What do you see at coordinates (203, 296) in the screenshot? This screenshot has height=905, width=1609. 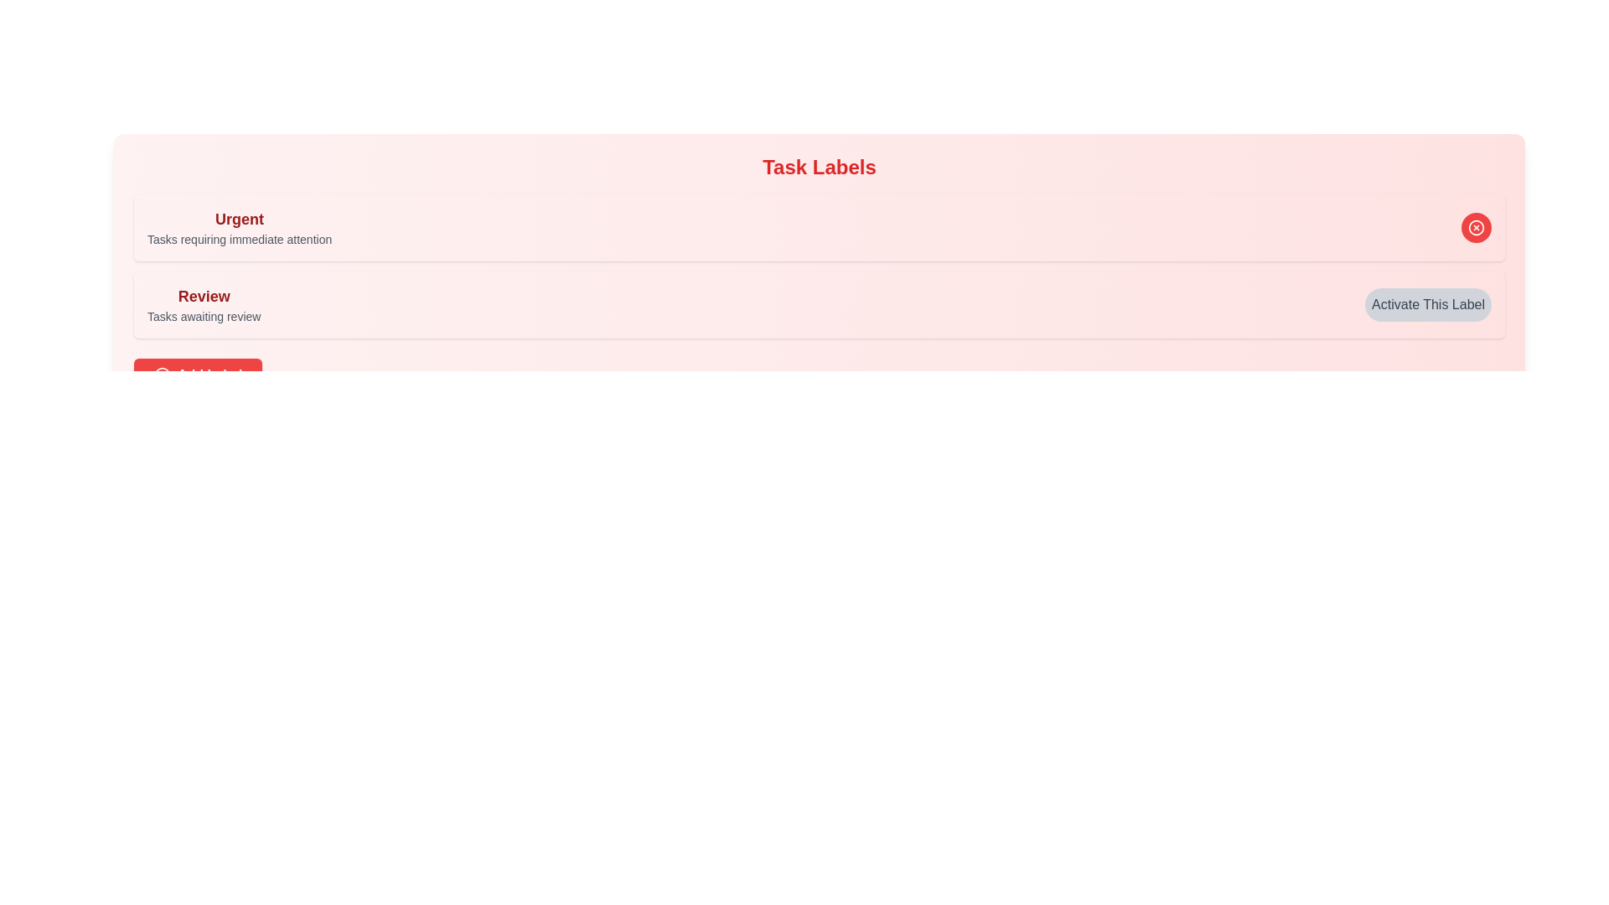 I see `the text of the label 'Review'` at bounding box center [203, 296].